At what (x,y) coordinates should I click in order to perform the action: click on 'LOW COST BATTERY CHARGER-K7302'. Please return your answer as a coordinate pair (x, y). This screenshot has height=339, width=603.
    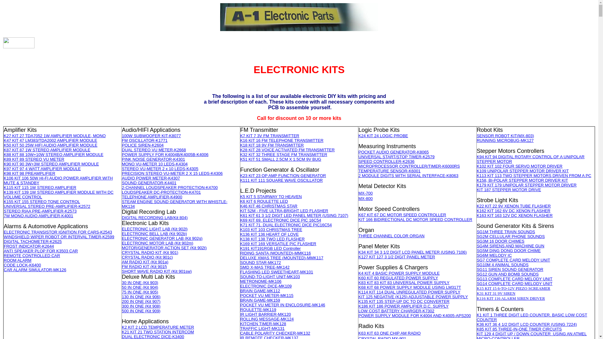
    Looking at the image, I should click on (396, 311).